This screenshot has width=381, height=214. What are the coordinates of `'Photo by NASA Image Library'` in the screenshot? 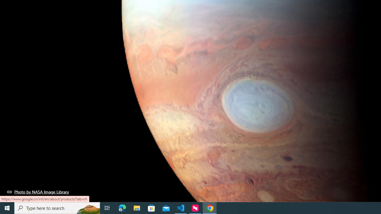 It's located at (38, 192).